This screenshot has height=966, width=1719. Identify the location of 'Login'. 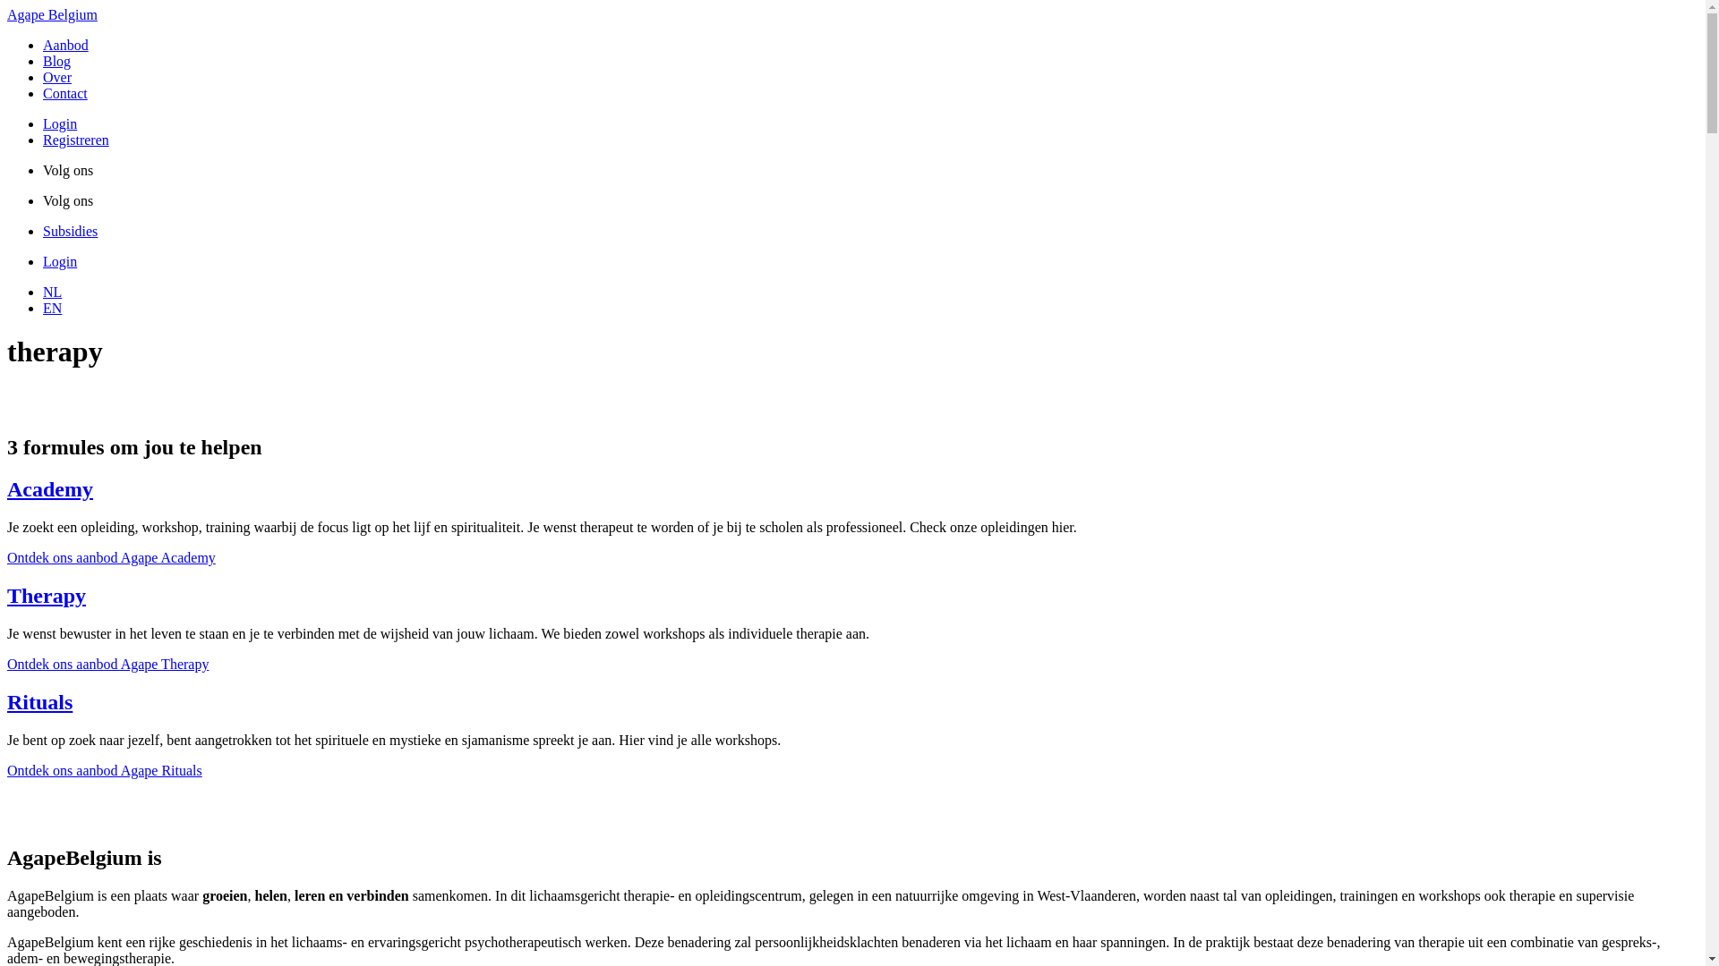
(60, 123).